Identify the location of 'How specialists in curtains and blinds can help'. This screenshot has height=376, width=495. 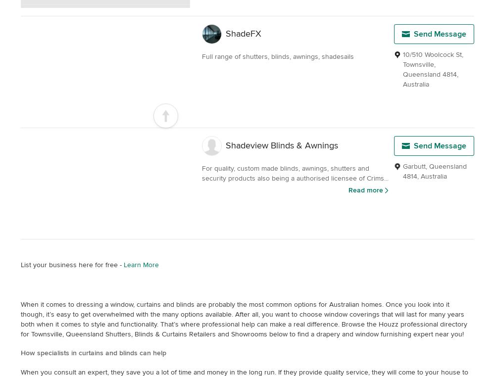
(21, 353).